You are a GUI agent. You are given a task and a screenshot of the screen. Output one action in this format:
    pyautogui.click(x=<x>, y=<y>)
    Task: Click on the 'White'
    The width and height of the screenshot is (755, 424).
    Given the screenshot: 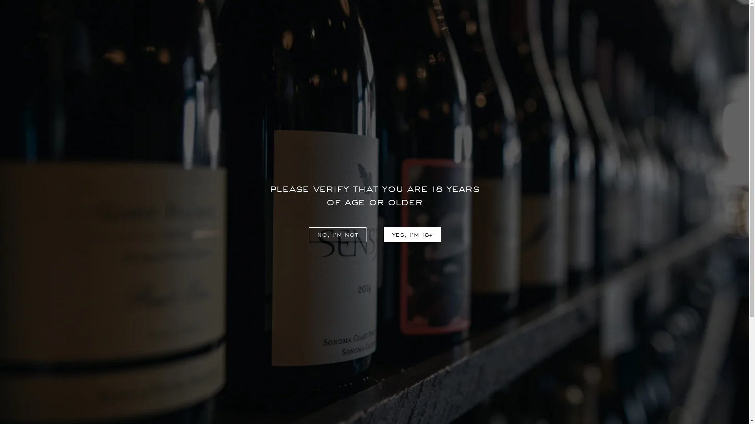 What is the action you would take?
    pyautogui.click(x=277, y=45)
    